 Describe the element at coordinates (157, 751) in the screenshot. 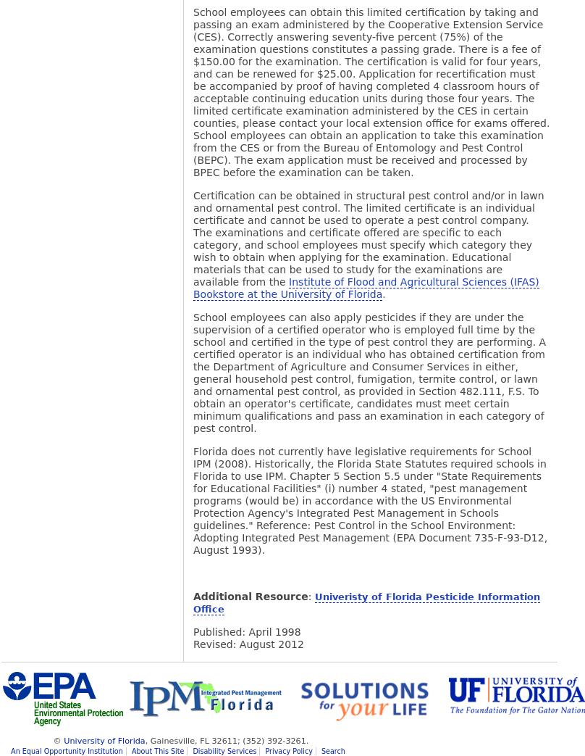

I see `'About This Site'` at that location.